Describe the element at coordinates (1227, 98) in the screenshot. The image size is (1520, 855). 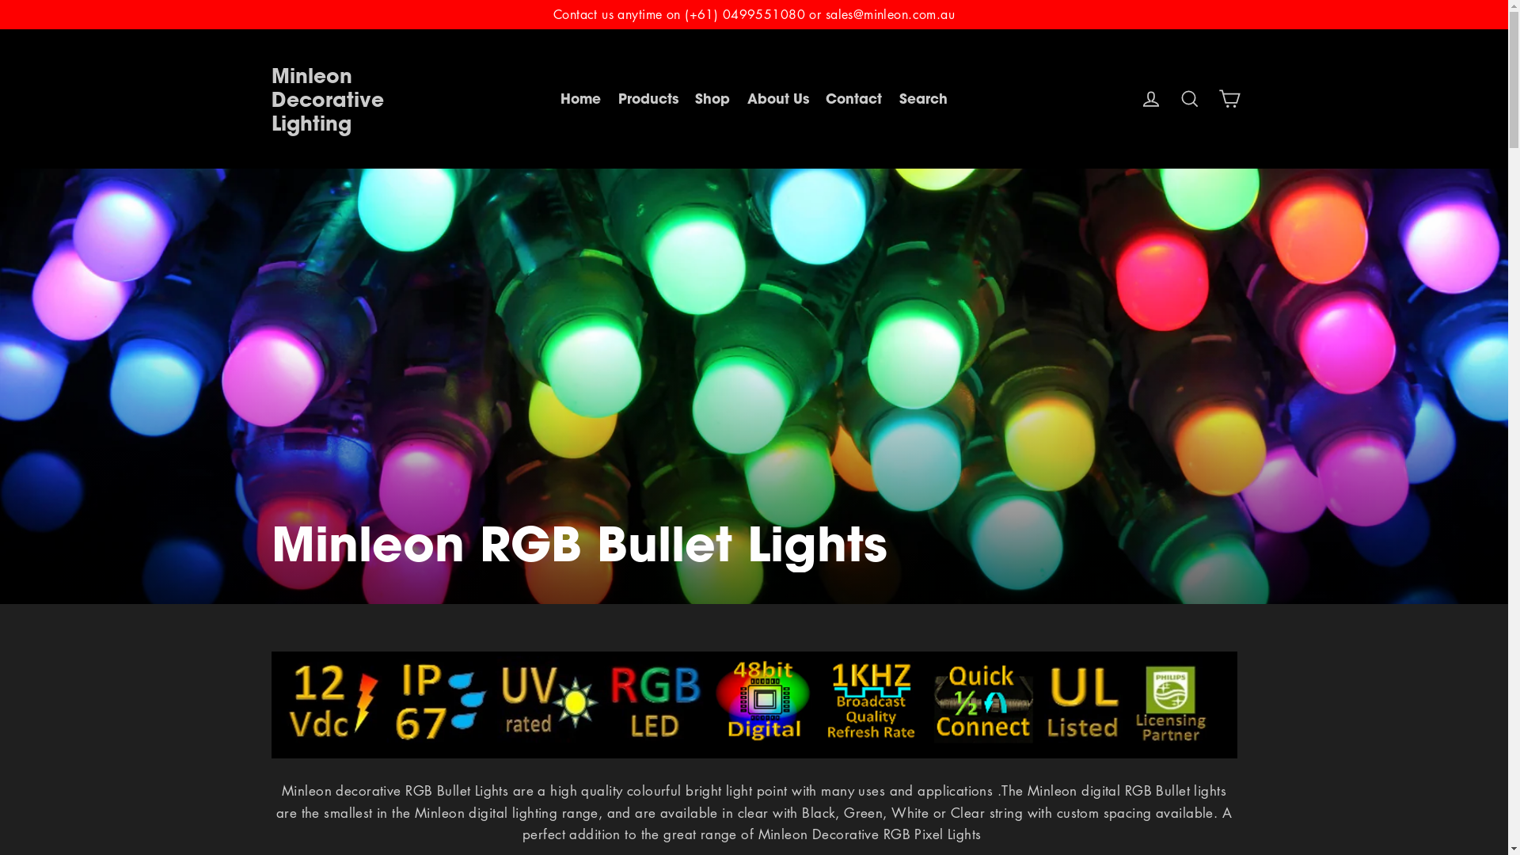
I see `'Cart'` at that location.